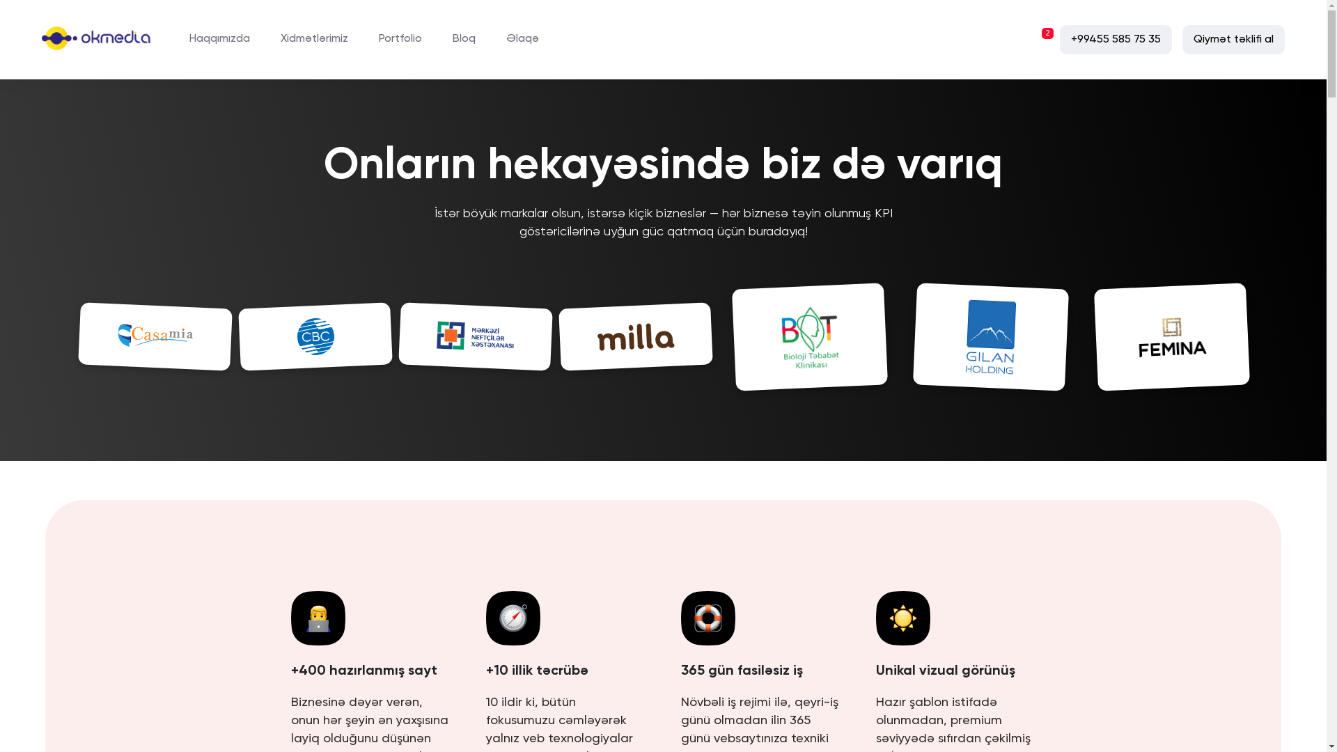  I want to click on '+99455 585 75 35', so click(1116, 39).